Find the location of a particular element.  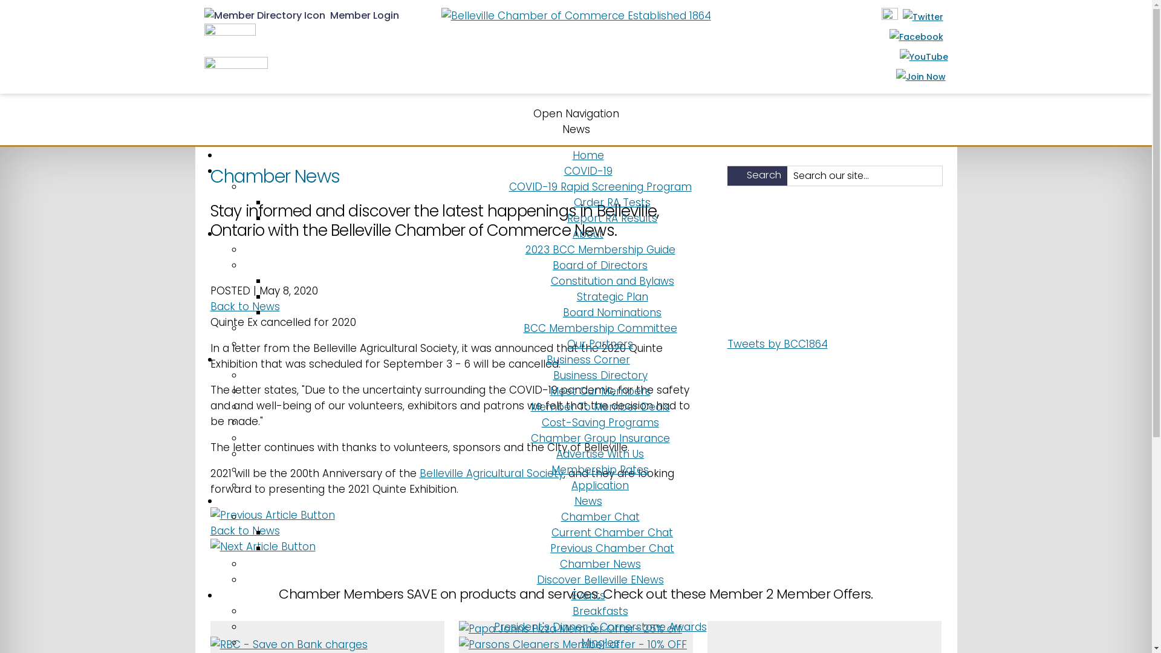

'RBC - Save on Bank charges' is located at coordinates (288, 643).